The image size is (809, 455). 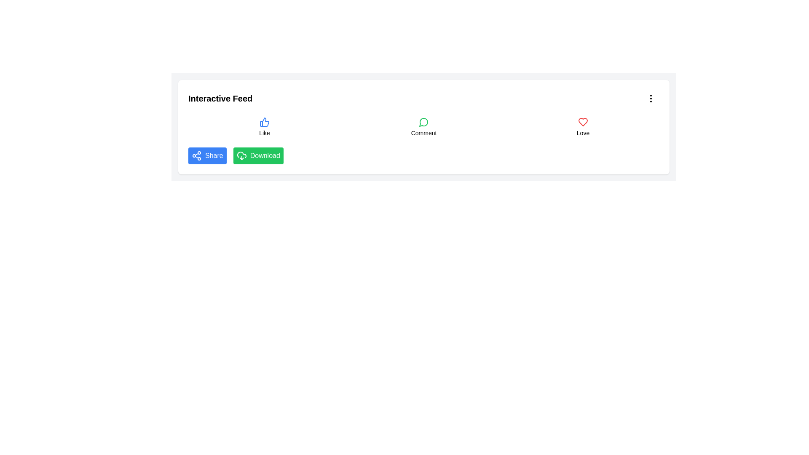 What do you see at coordinates (582, 122) in the screenshot?
I see `the visual representation of the 'Love' icon located at the bottom right of the main interactive panel, directly underneath the text label 'Love'` at bounding box center [582, 122].